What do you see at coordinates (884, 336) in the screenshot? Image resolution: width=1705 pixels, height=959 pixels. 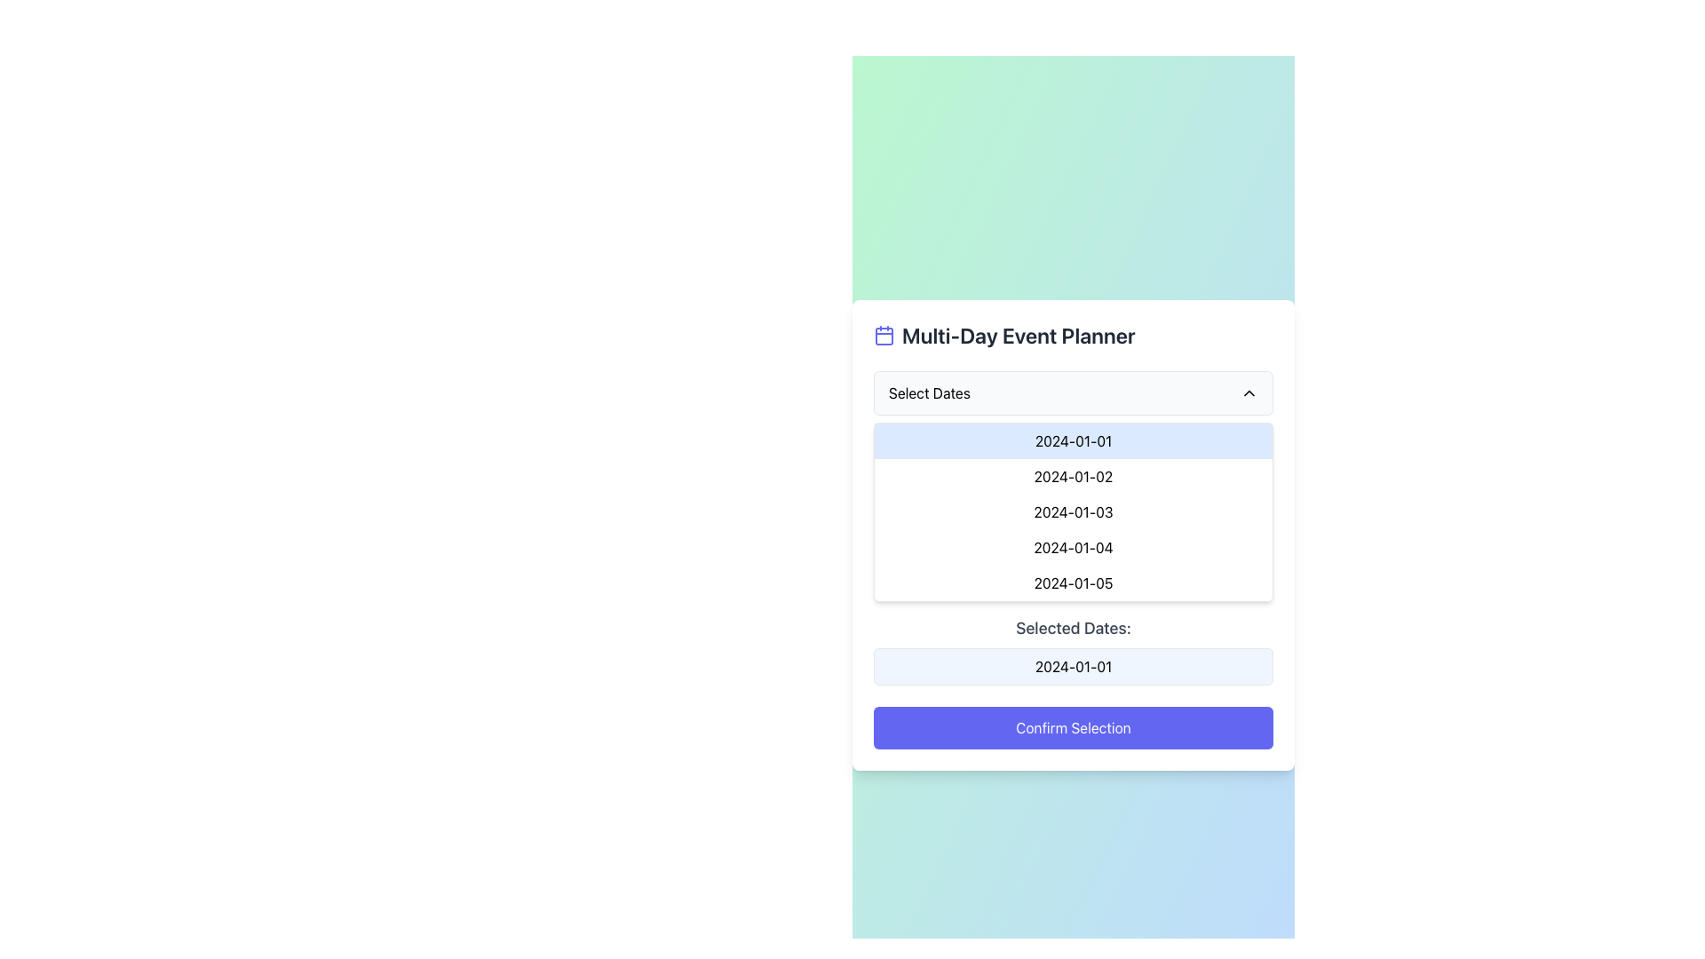 I see `the decorative icon located at the start of the 'Multi-Day Event Planner' title bar, which signifies a relationship to calendar or scheduling functionalities` at bounding box center [884, 336].